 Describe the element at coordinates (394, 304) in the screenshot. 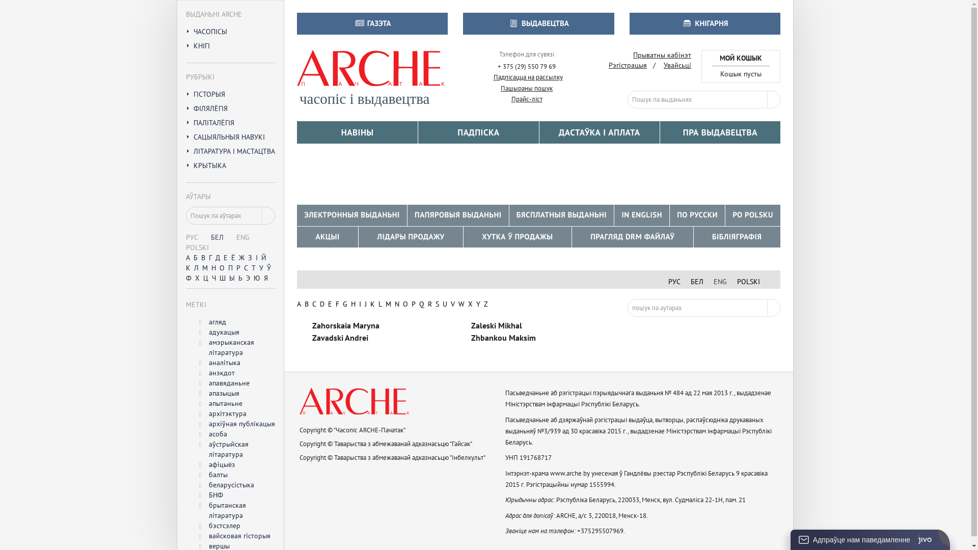

I see `'N'` at that location.